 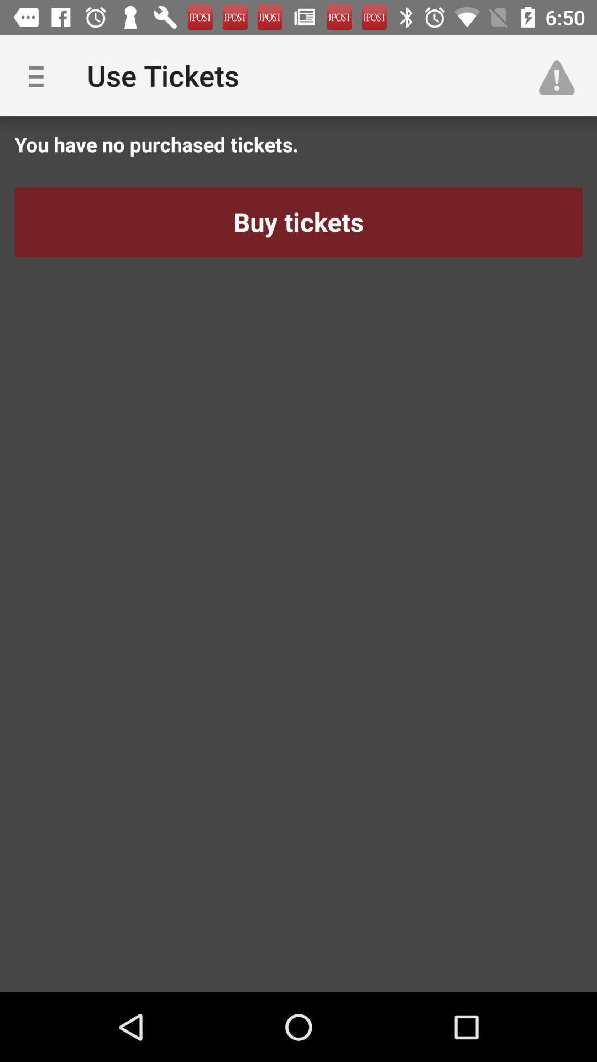 What do you see at coordinates (40, 75) in the screenshot?
I see `the icon above you have no icon` at bounding box center [40, 75].